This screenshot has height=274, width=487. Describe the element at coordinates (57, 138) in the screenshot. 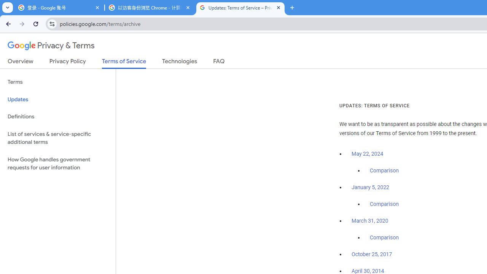

I see `'List of services & service-specific additional terms'` at that location.